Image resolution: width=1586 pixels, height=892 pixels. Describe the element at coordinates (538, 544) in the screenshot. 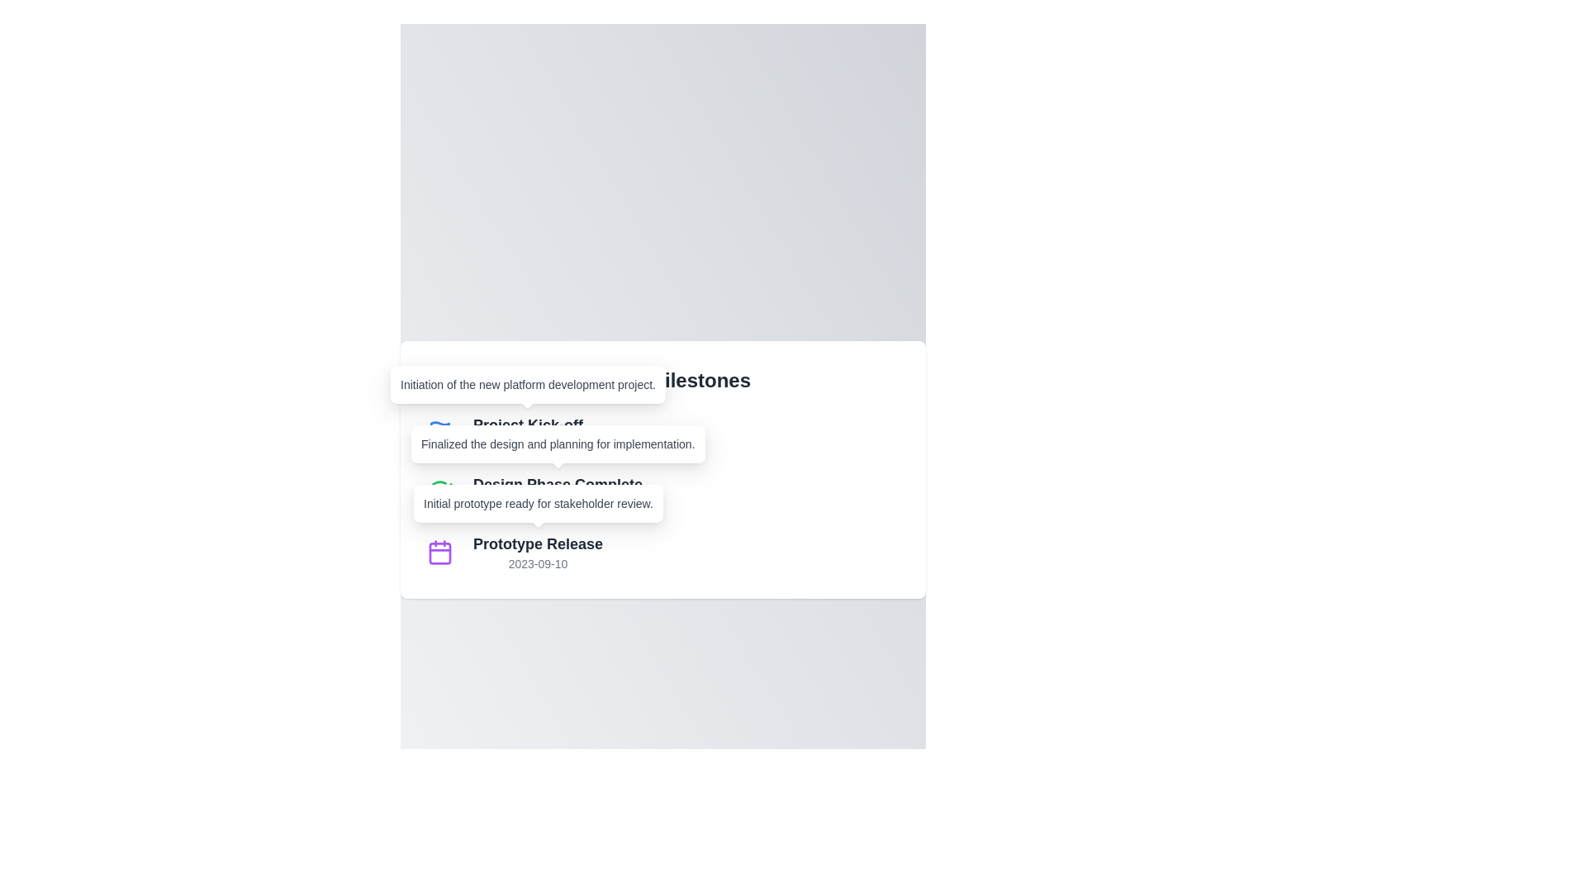

I see `the text label element that indicates a milestone or event, located above the date '2023-09-10' and next to a calendar icon` at that location.